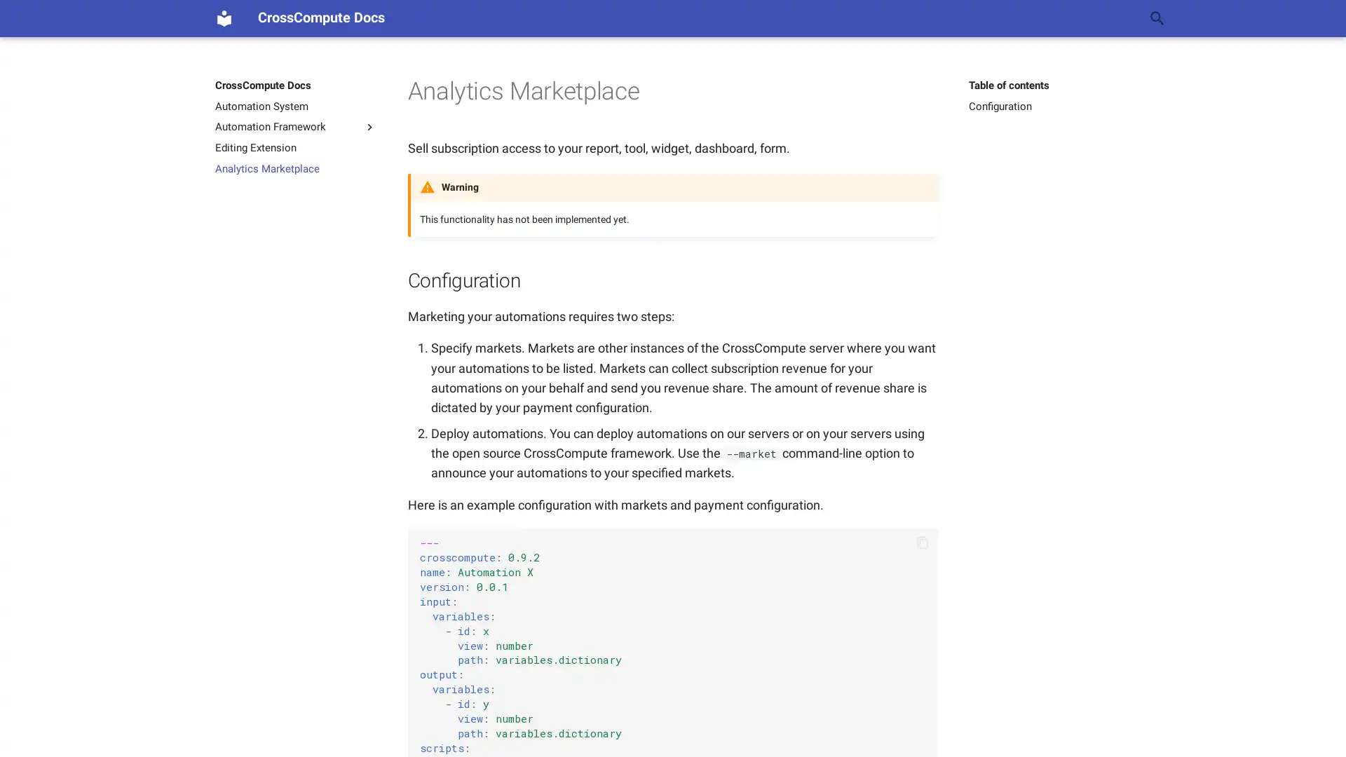  What do you see at coordinates (922, 542) in the screenshot?
I see `Copy to clipboard` at bounding box center [922, 542].